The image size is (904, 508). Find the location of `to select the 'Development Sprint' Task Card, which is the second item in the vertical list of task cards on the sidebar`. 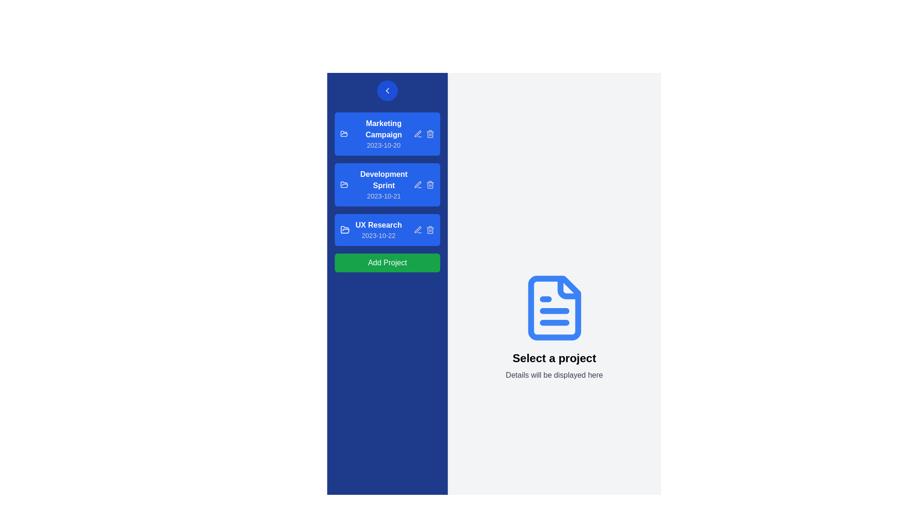

to select the 'Development Sprint' Task Card, which is the second item in the vertical list of task cards on the sidebar is located at coordinates (377, 185).